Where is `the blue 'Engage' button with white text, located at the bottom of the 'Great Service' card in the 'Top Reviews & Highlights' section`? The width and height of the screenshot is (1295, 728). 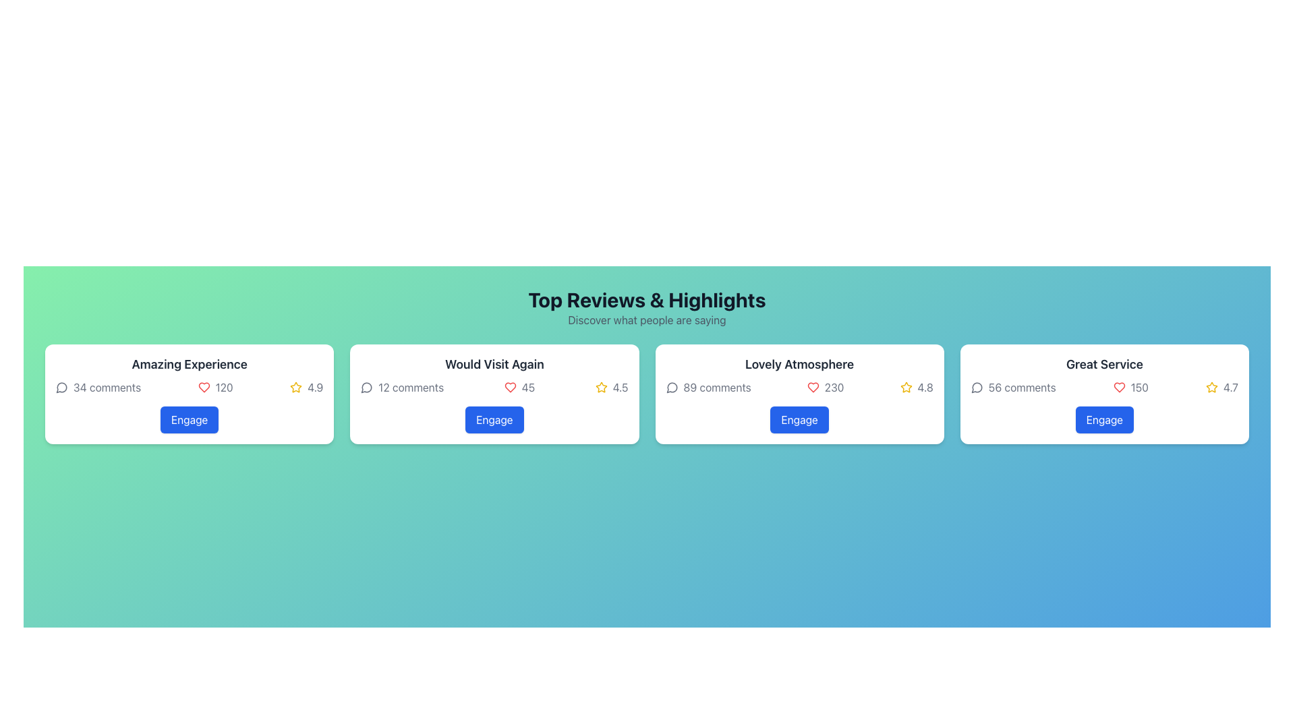
the blue 'Engage' button with white text, located at the bottom of the 'Great Service' card in the 'Top Reviews & Highlights' section is located at coordinates (1104, 419).